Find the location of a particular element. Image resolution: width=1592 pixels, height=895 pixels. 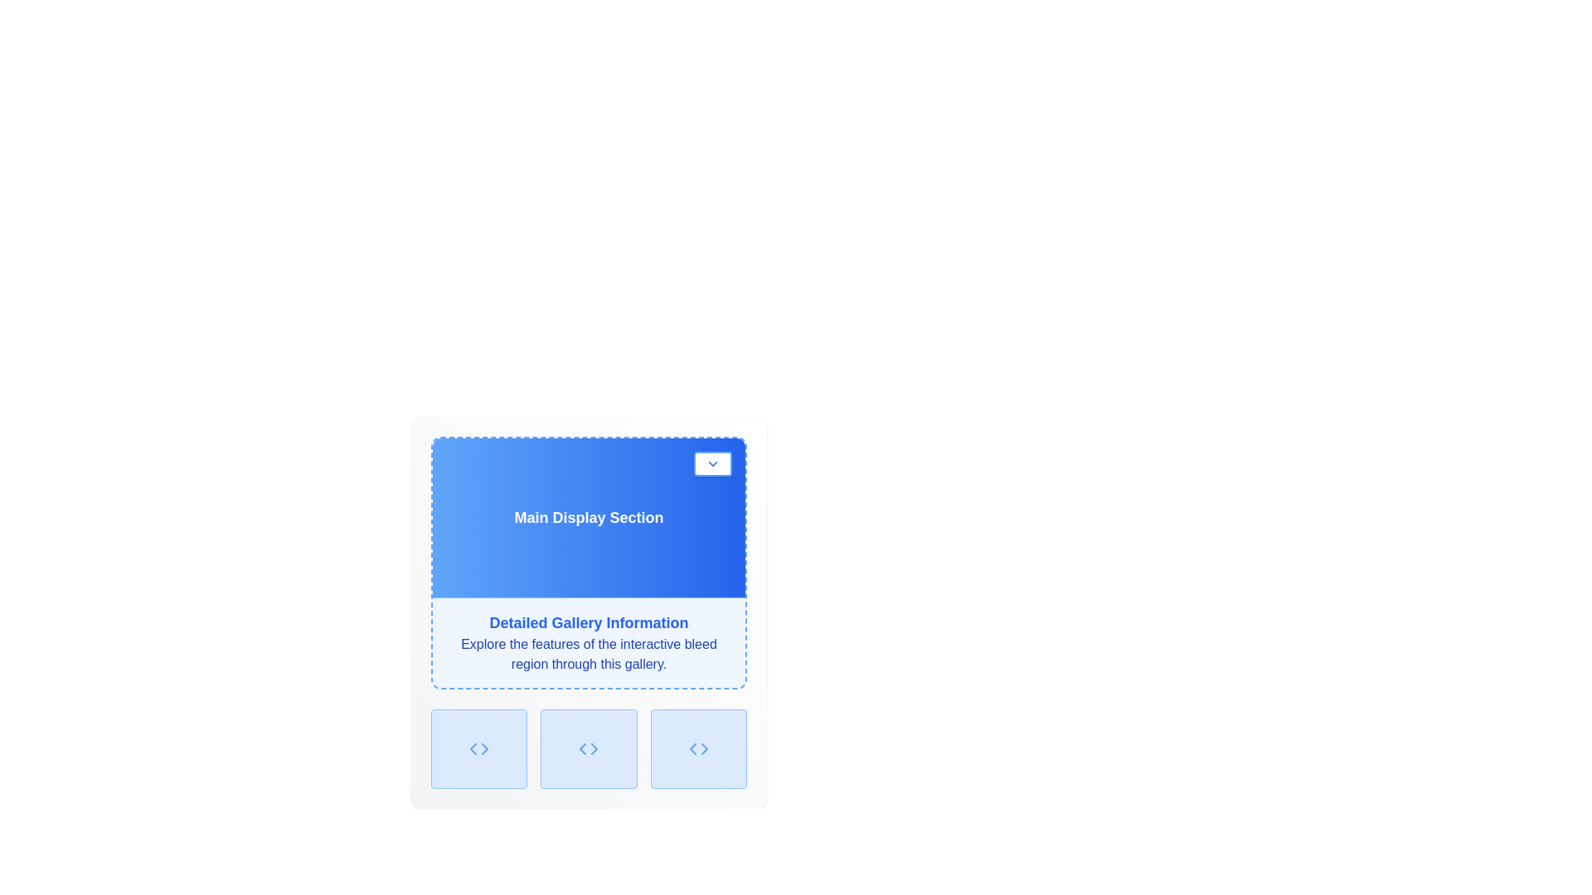

the small interactive button located in the upper-right corner of the Main Display Section, which has a white background, blue border, and blue text with a downward-pointing chevron icon is located at coordinates (712, 463).